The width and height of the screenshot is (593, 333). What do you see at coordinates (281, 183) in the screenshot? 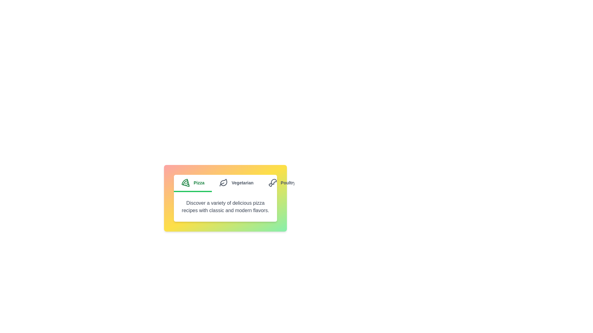
I see `the tab labeled Poultry` at bounding box center [281, 183].